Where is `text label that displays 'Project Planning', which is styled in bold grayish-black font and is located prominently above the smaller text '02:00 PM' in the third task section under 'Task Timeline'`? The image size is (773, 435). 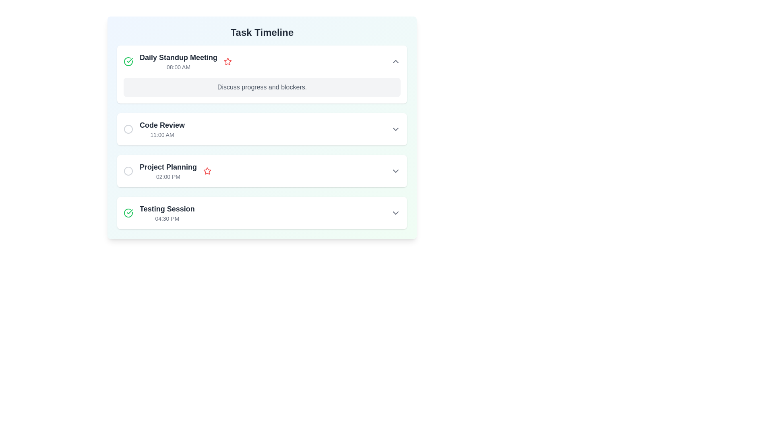
text label that displays 'Project Planning', which is styled in bold grayish-black font and is located prominently above the smaller text '02:00 PM' in the third task section under 'Task Timeline' is located at coordinates (167, 167).